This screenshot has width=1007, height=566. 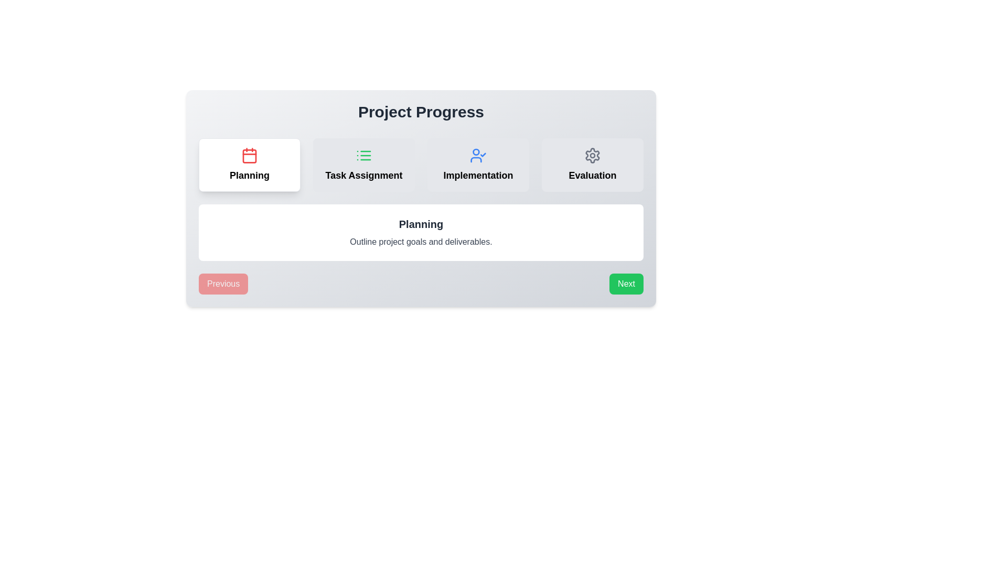 What do you see at coordinates (223, 284) in the screenshot?
I see `the 'Previous' button, which is a red button with white text, located at the bottom left corner of a card-like layout` at bounding box center [223, 284].